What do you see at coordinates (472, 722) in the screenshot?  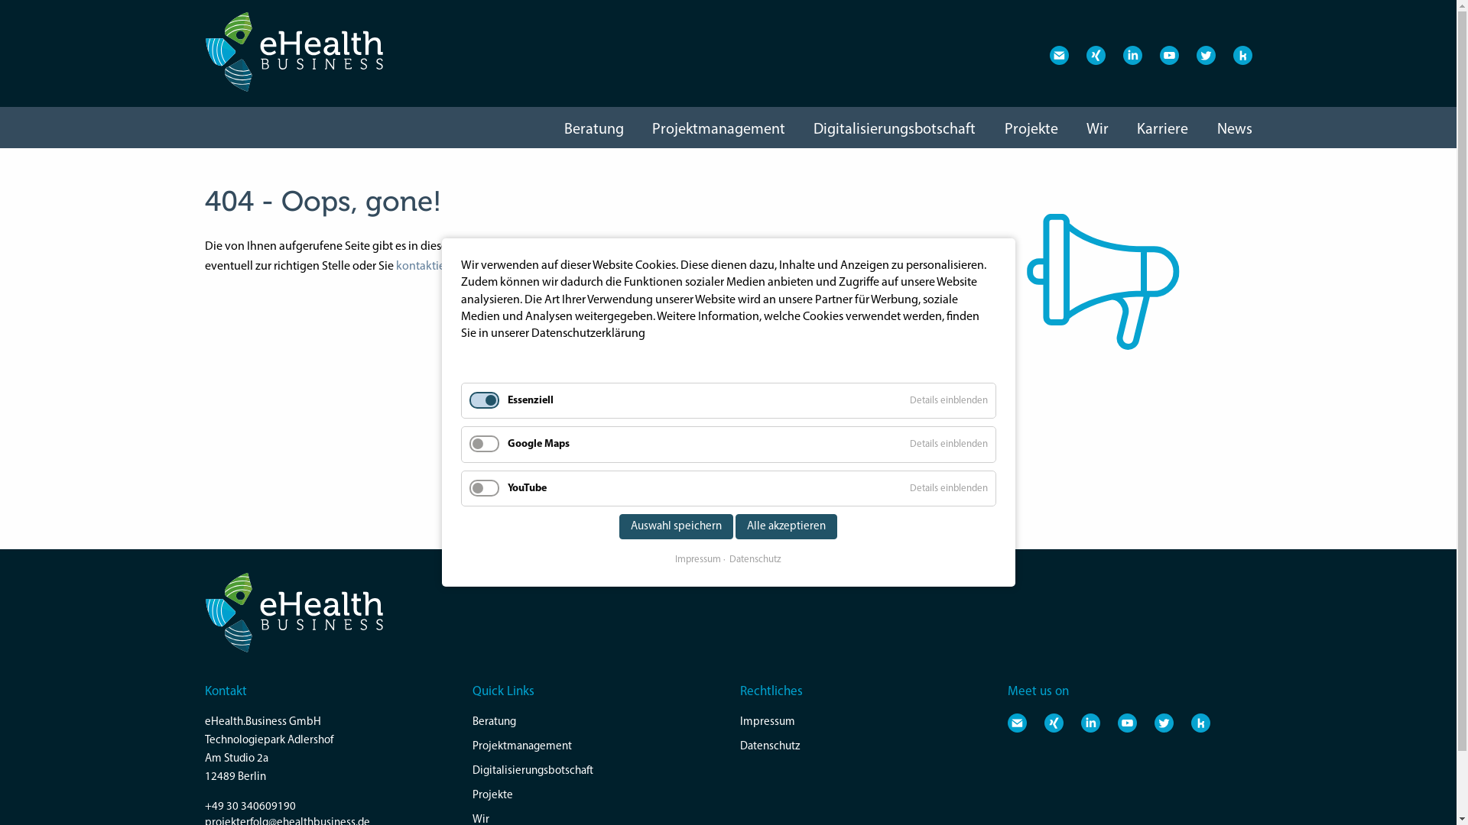 I see `'Beratung'` at bounding box center [472, 722].